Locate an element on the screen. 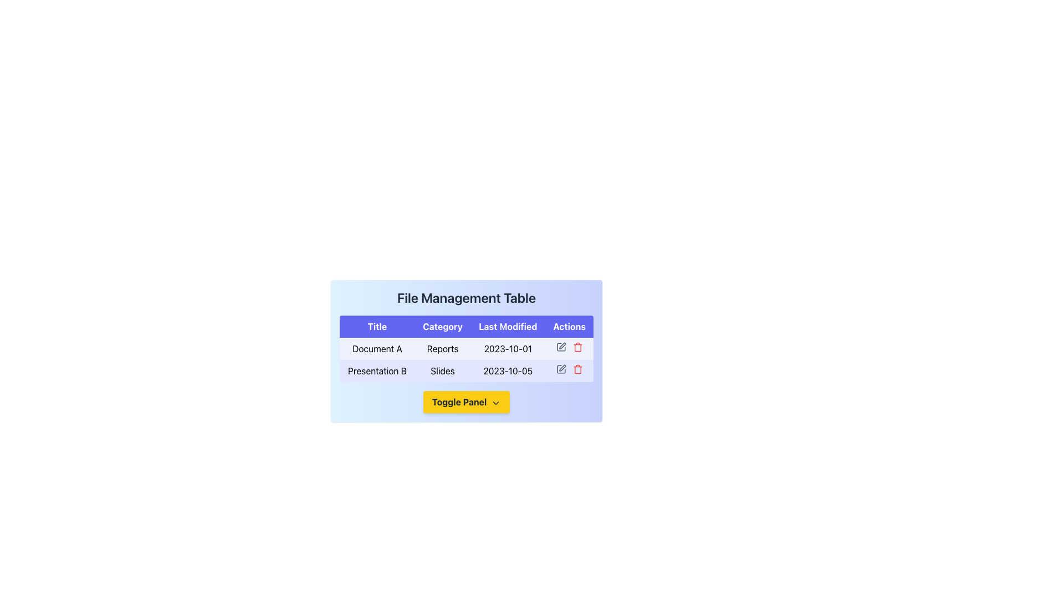 This screenshot has width=1064, height=599. the button with an icon in the 'Actions' column of the second row entry ('Presentation B') to change its color is located at coordinates (561, 346).